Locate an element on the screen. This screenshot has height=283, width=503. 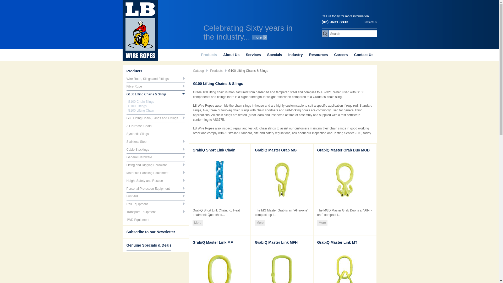
'Lifting and Rigging Hardware' is located at coordinates (146, 165).